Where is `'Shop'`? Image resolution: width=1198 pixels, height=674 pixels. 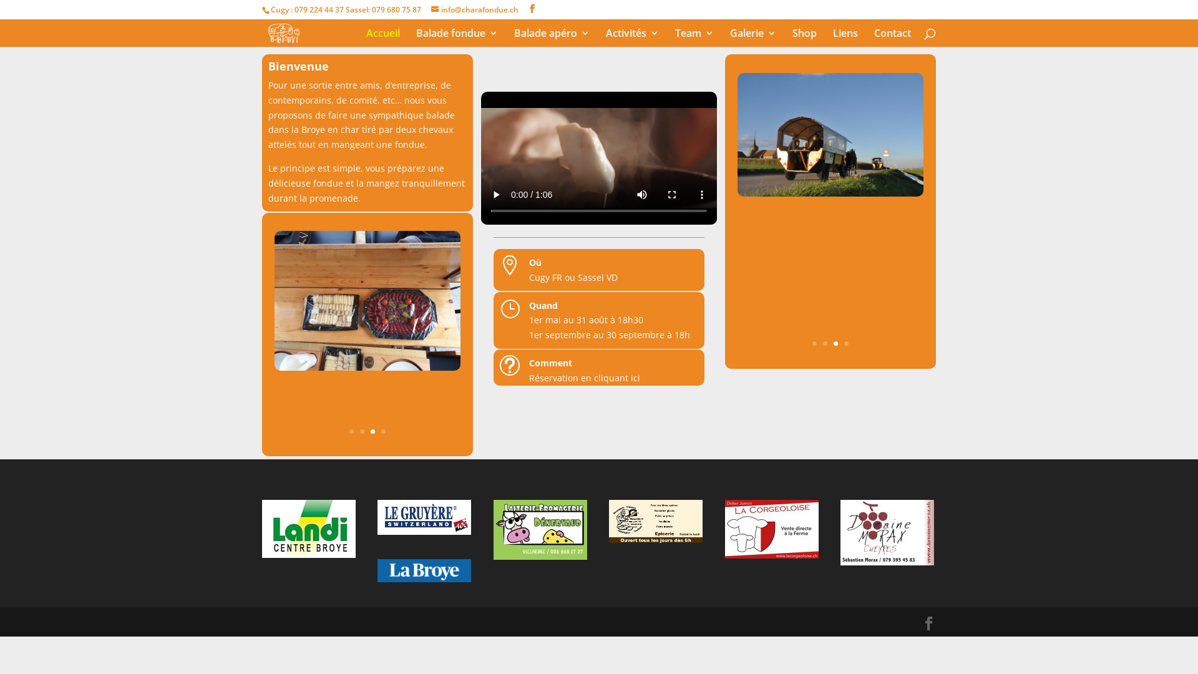
'Shop' is located at coordinates (804, 37).